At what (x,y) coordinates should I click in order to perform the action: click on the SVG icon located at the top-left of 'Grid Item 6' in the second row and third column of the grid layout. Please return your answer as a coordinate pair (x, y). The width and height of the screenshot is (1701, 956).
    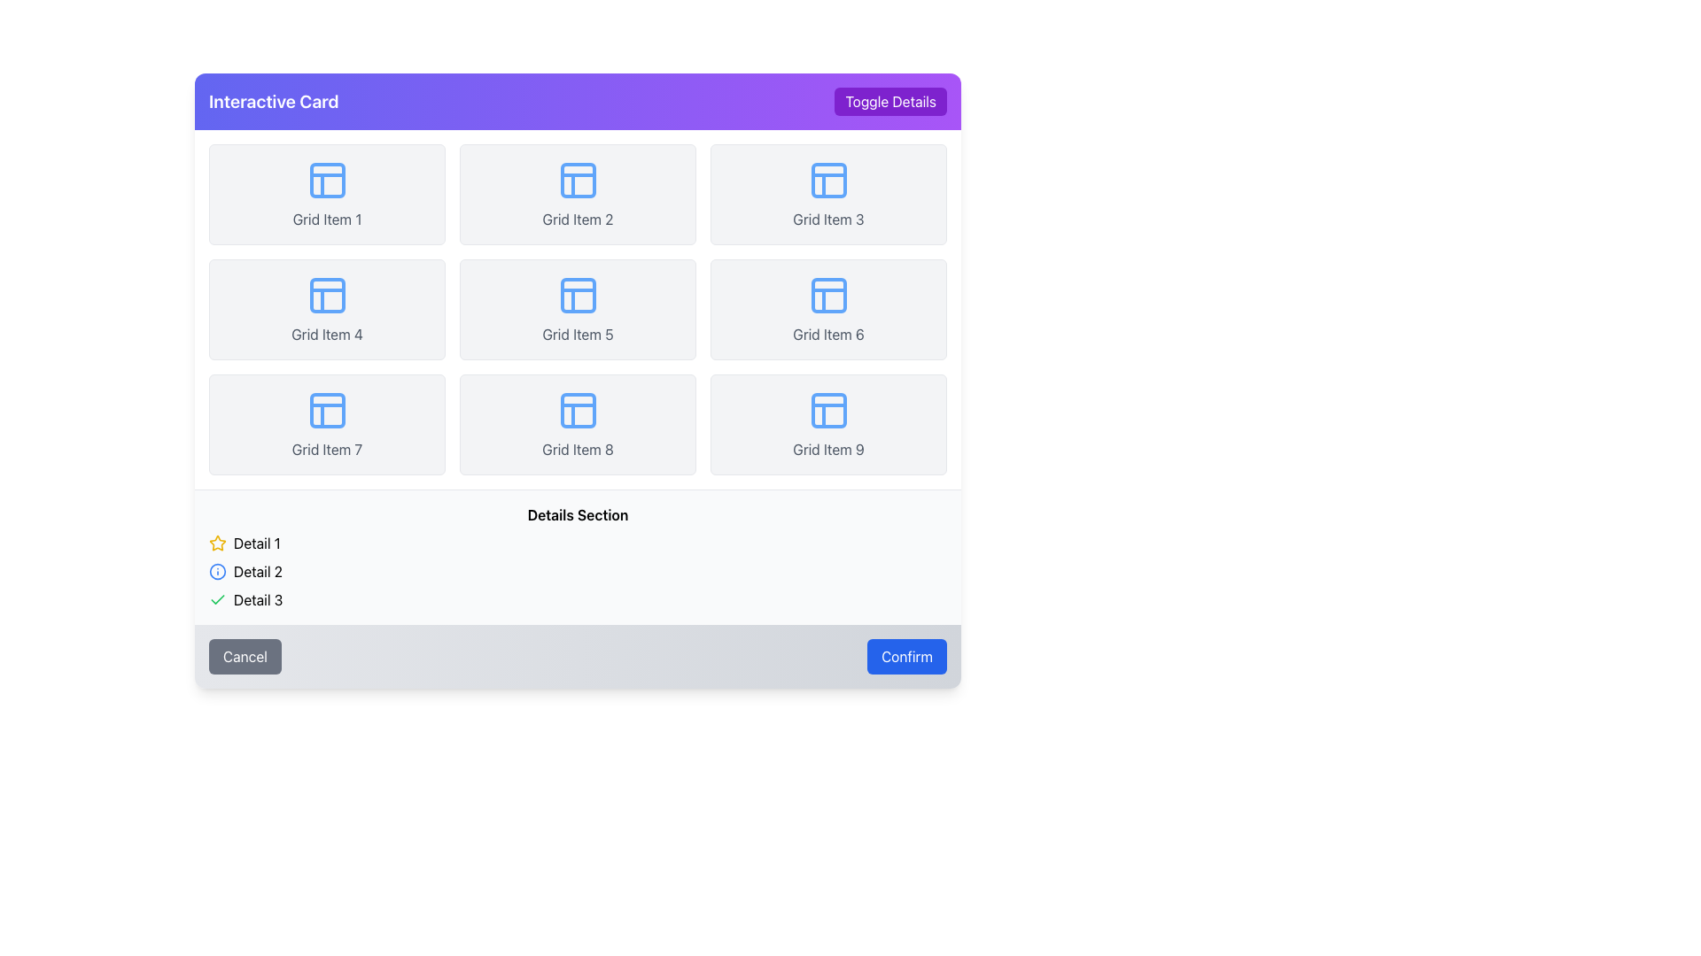
    Looking at the image, I should click on (827, 295).